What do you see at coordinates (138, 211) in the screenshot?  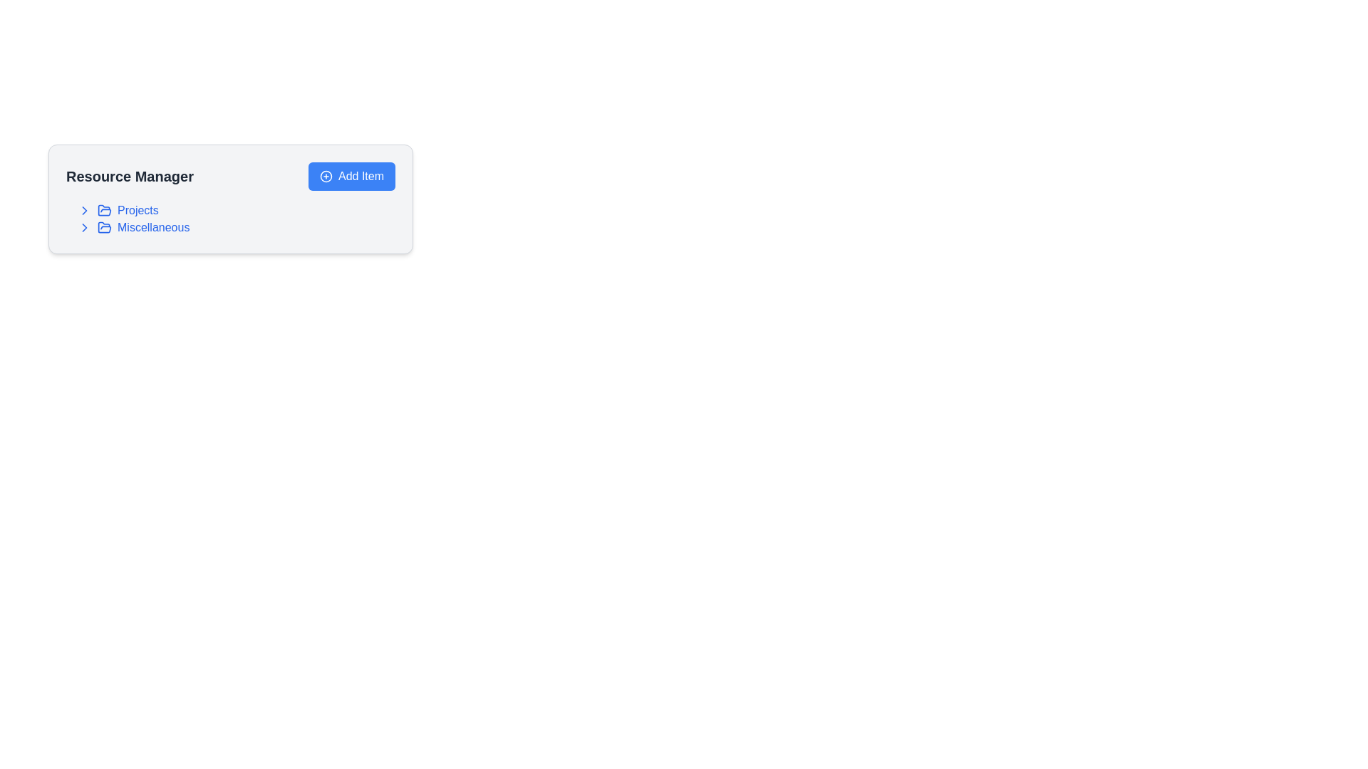 I see `the clickable text label for 'Projects' located in the Resource Manager menu` at bounding box center [138, 211].